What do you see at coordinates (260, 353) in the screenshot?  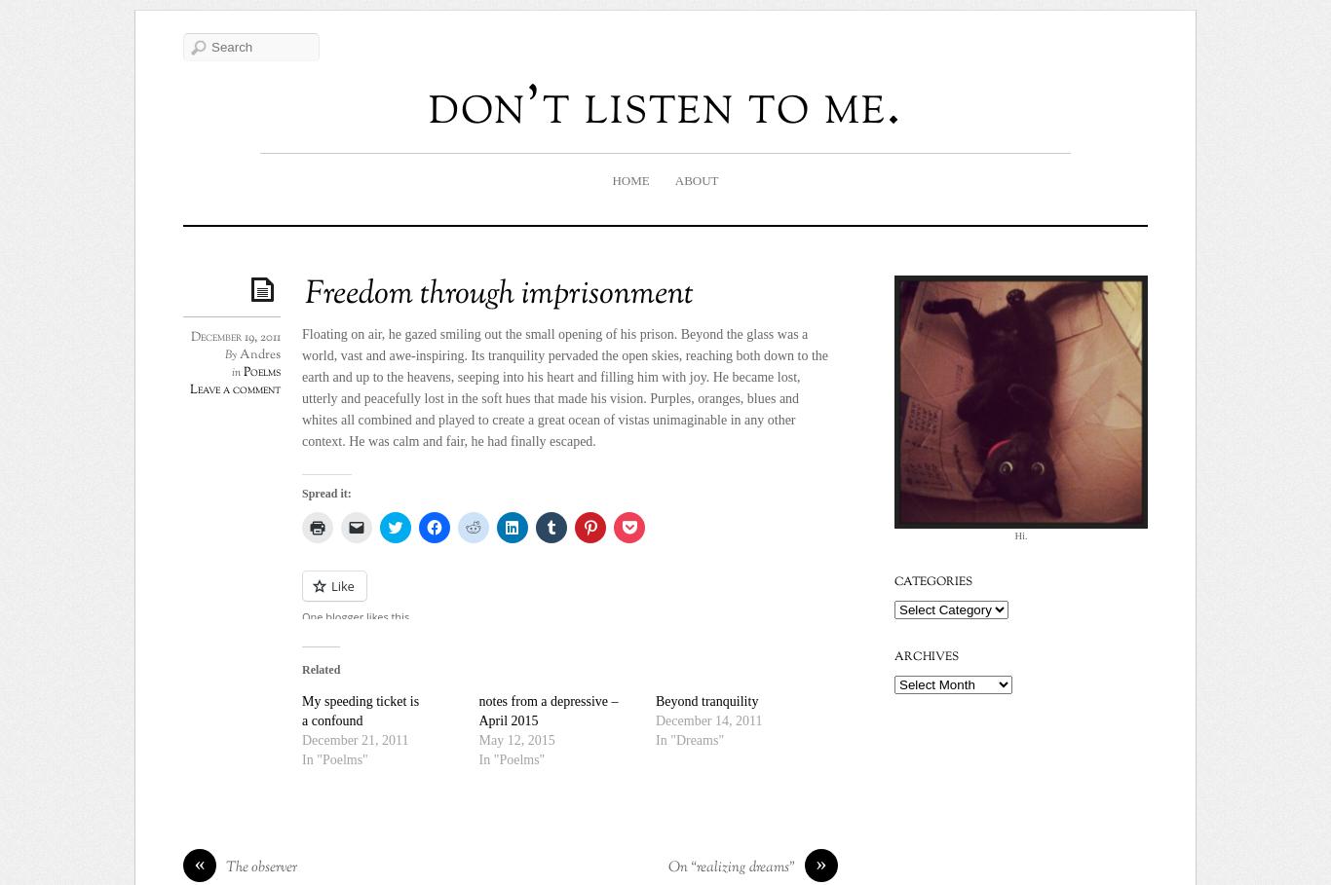 I see `'Andres'` at bounding box center [260, 353].